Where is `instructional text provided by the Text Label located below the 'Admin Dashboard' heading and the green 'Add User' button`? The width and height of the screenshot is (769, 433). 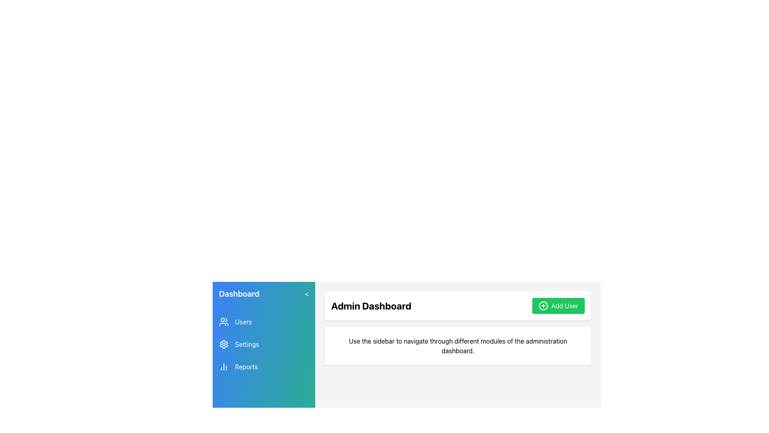
instructional text provided by the Text Label located below the 'Admin Dashboard' heading and the green 'Add User' button is located at coordinates (458, 346).